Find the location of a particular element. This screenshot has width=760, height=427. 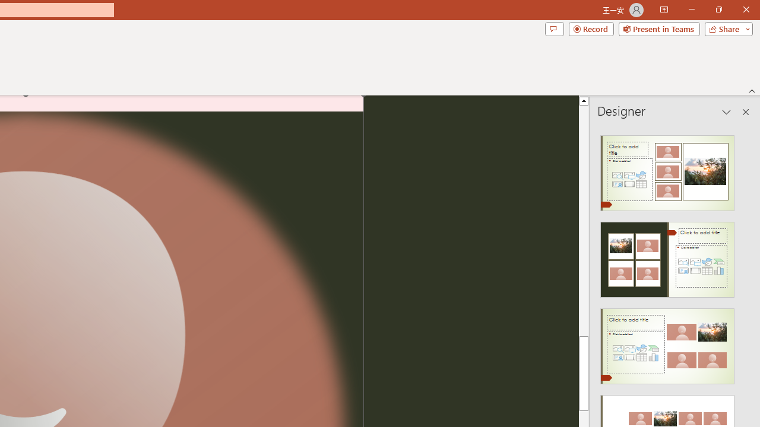

'Ribbon Display Options' is located at coordinates (663, 9).